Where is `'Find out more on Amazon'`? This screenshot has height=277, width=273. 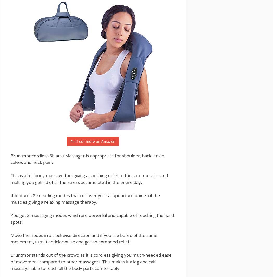 'Find out more on Amazon' is located at coordinates (93, 141).